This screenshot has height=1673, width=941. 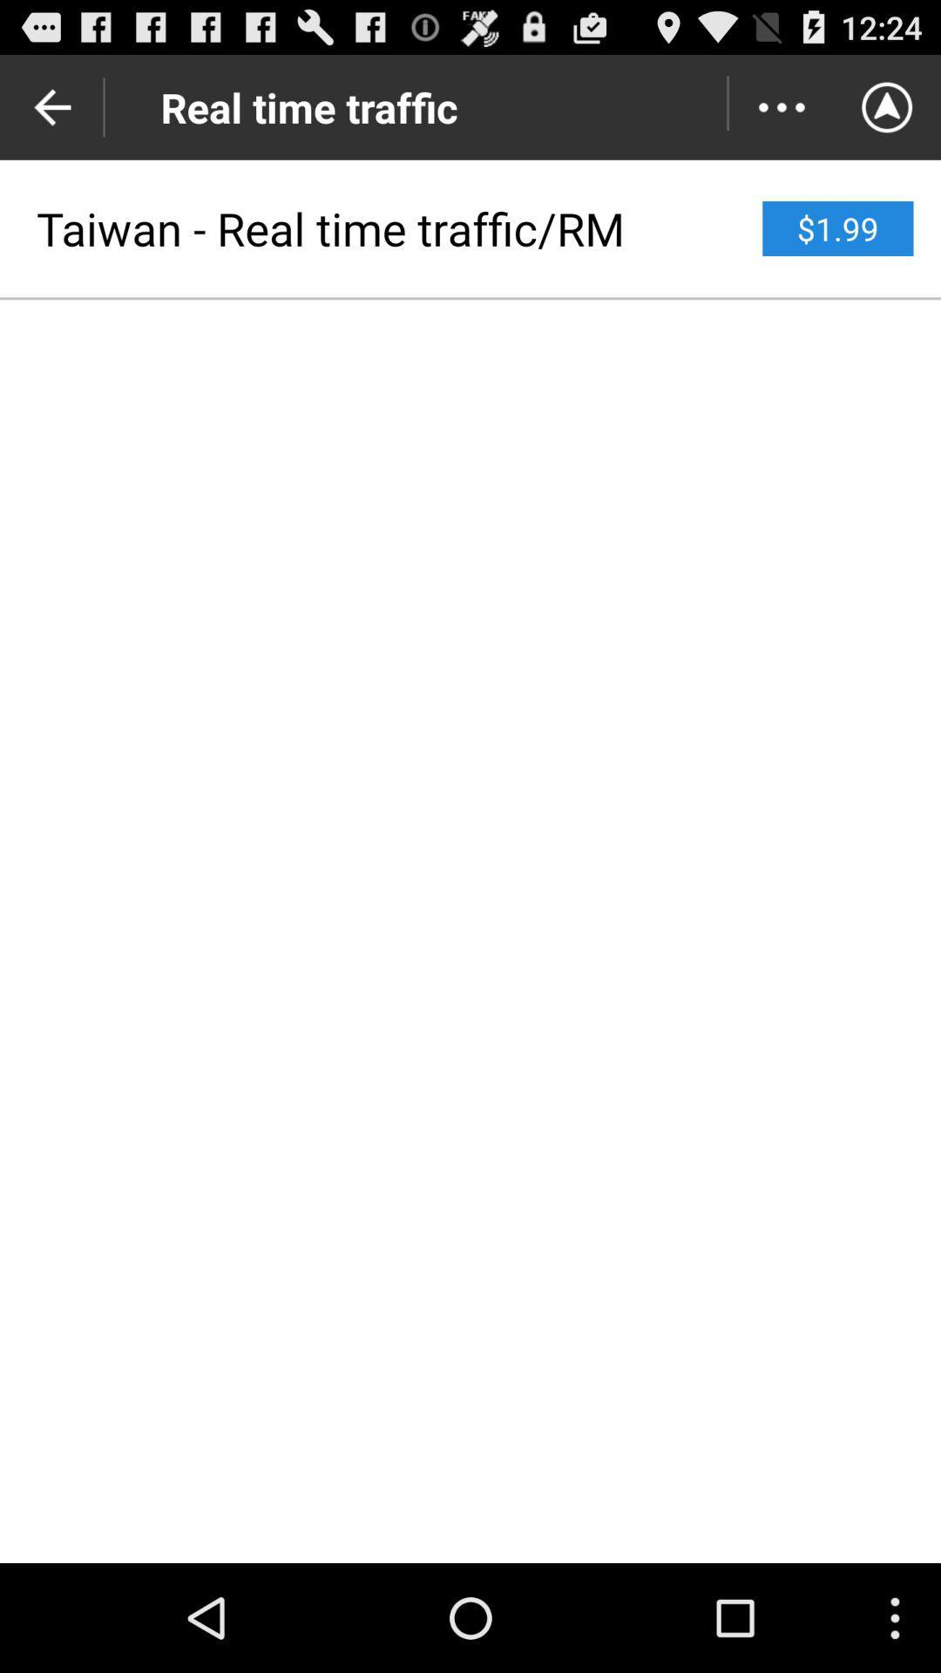 I want to click on item above taiwan real time app, so click(x=781, y=106).